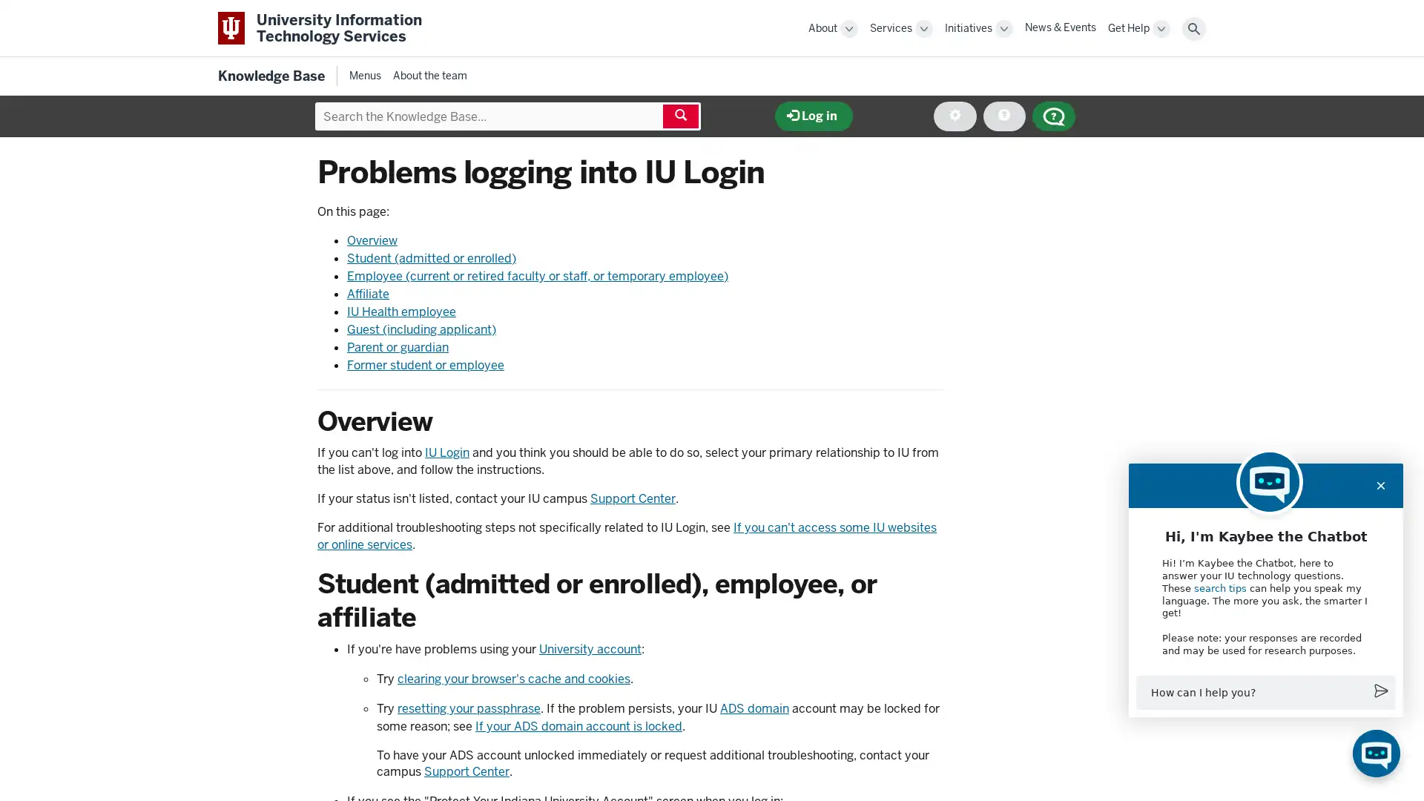  I want to click on Toggle Initiatives navigation, so click(1003, 28).